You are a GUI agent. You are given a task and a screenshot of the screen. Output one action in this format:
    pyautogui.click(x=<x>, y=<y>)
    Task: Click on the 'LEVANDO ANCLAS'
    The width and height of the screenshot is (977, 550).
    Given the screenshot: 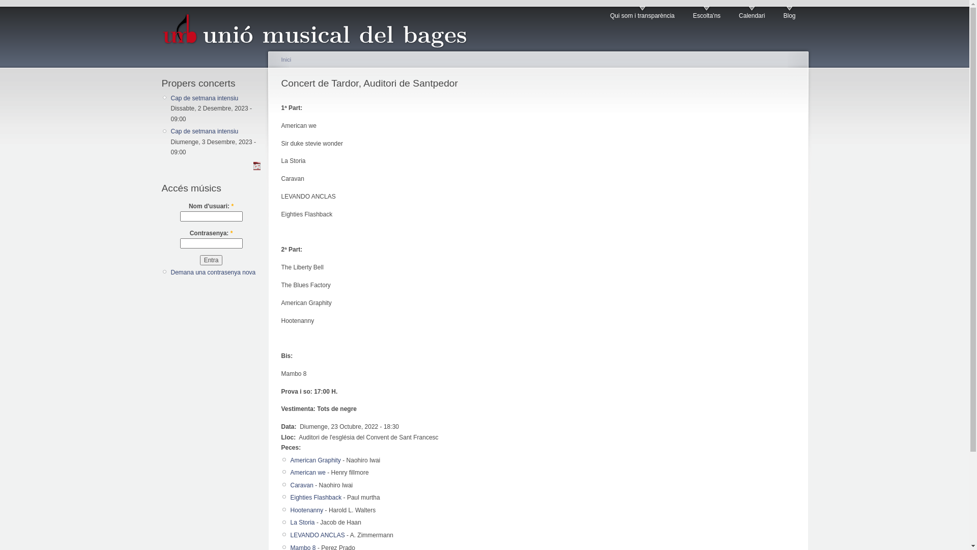 What is the action you would take?
    pyautogui.click(x=317, y=534)
    